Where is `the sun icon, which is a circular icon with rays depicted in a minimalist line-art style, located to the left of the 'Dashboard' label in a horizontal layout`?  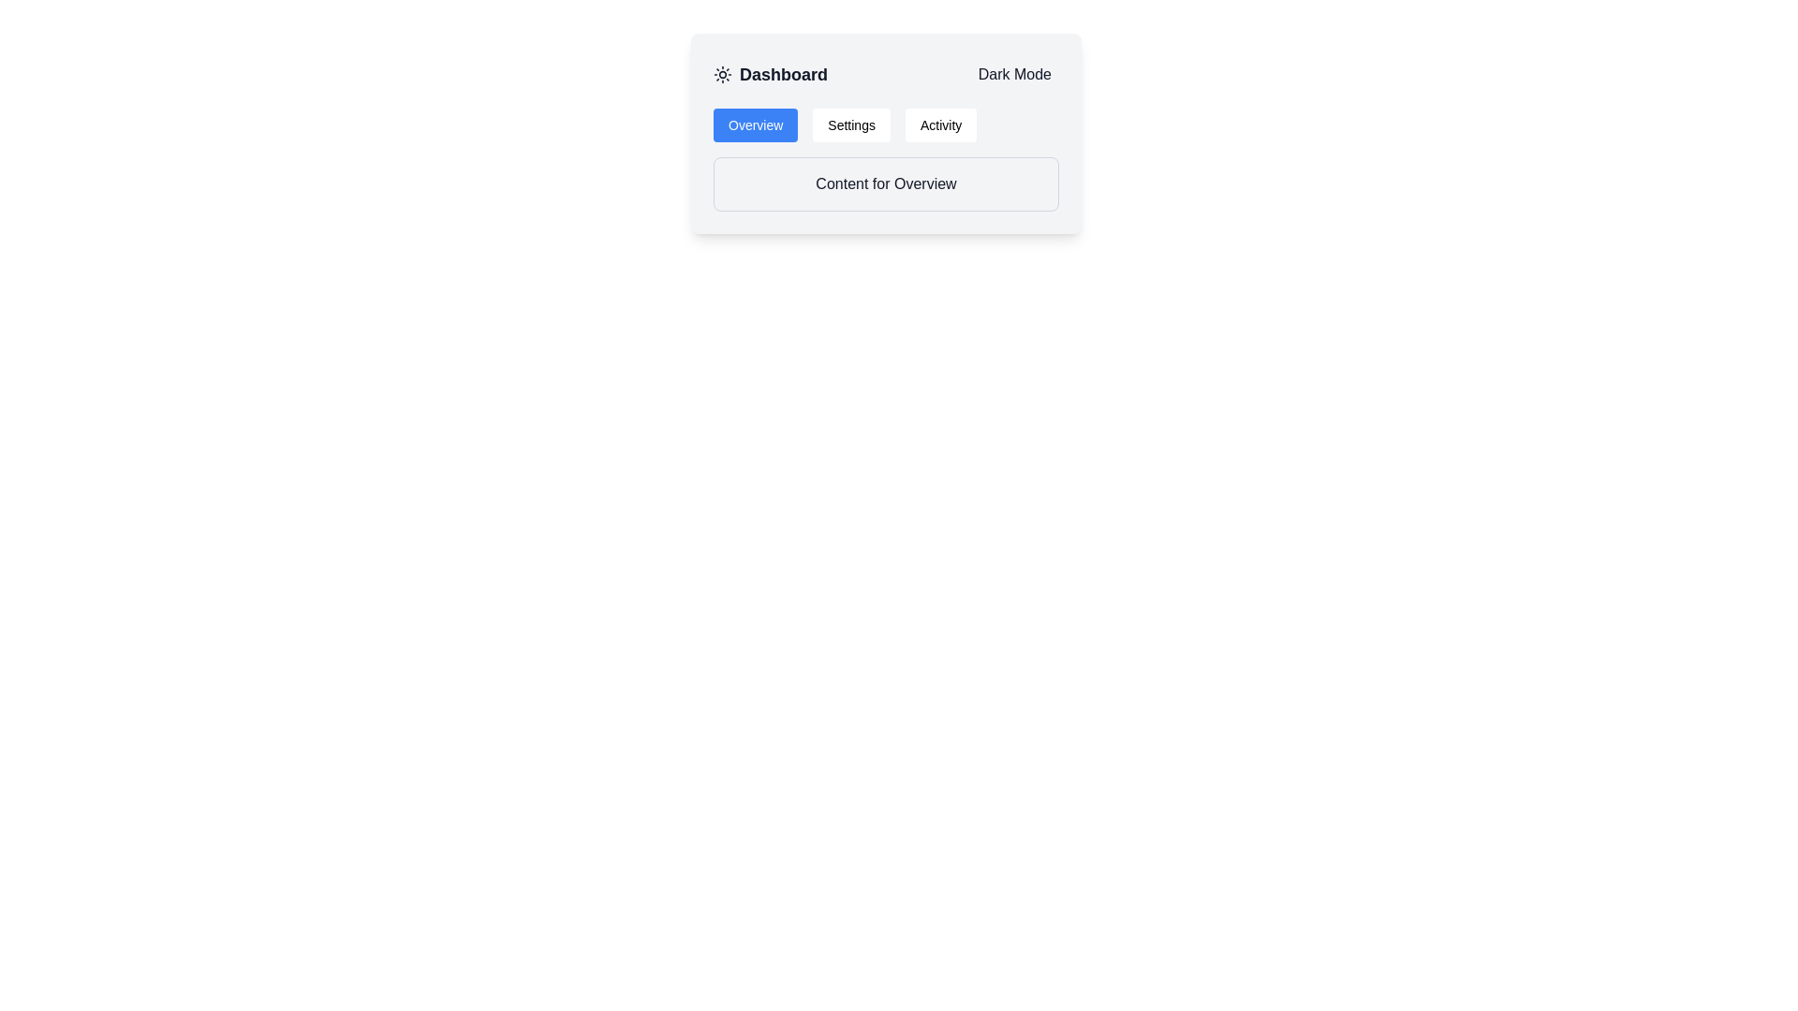
the sun icon, which is a circular icon with rays depicted in a minimalist line-art style, located to the left of the 'Dashboard' label in a horizontal layout is located at coordinates (722, 74).